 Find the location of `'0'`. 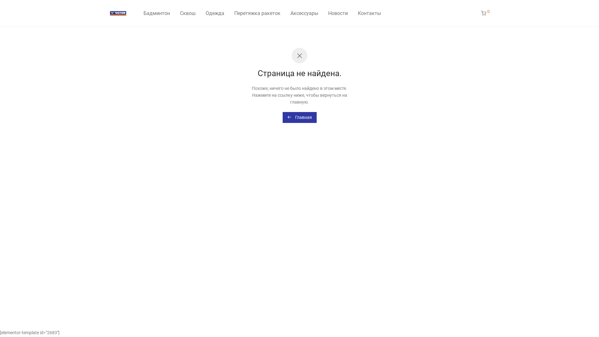

'0' is located at coordinates (476, 13).